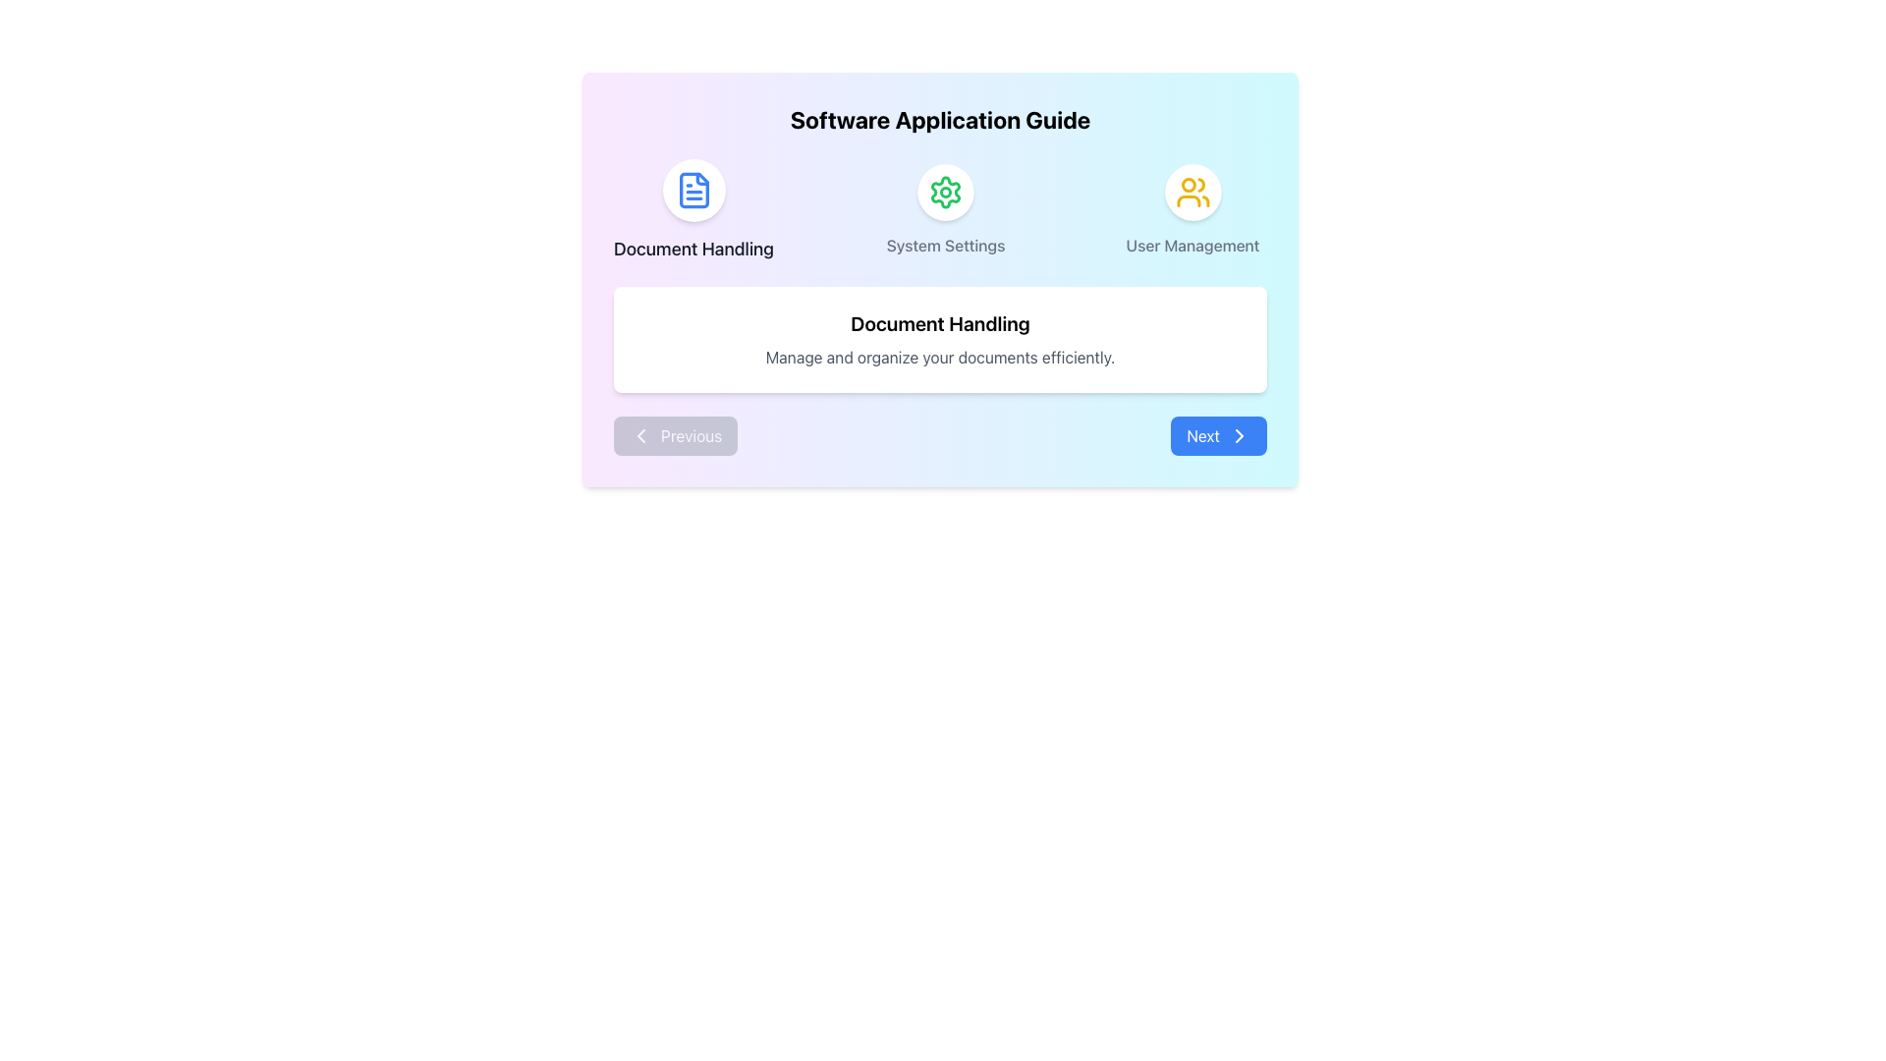 The width and height of the screenshot is (1886, 1061). I want to click on the 'Next' button that contains the arrow icon located at the bottom-right corner of the interface to proceed, so click(1239, 434).